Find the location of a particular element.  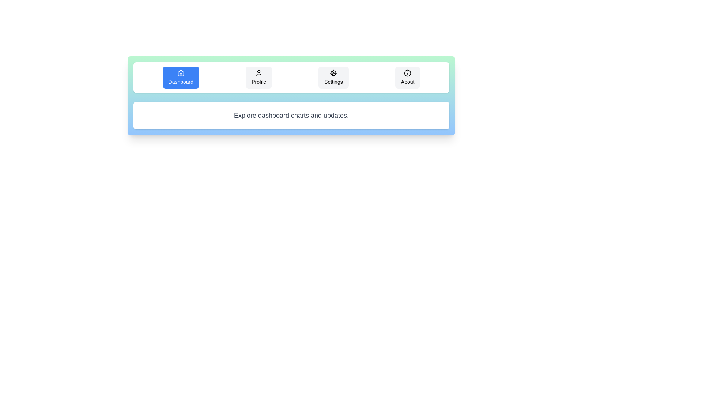

the tab labeled Settings is located at coordinates (333, 78).